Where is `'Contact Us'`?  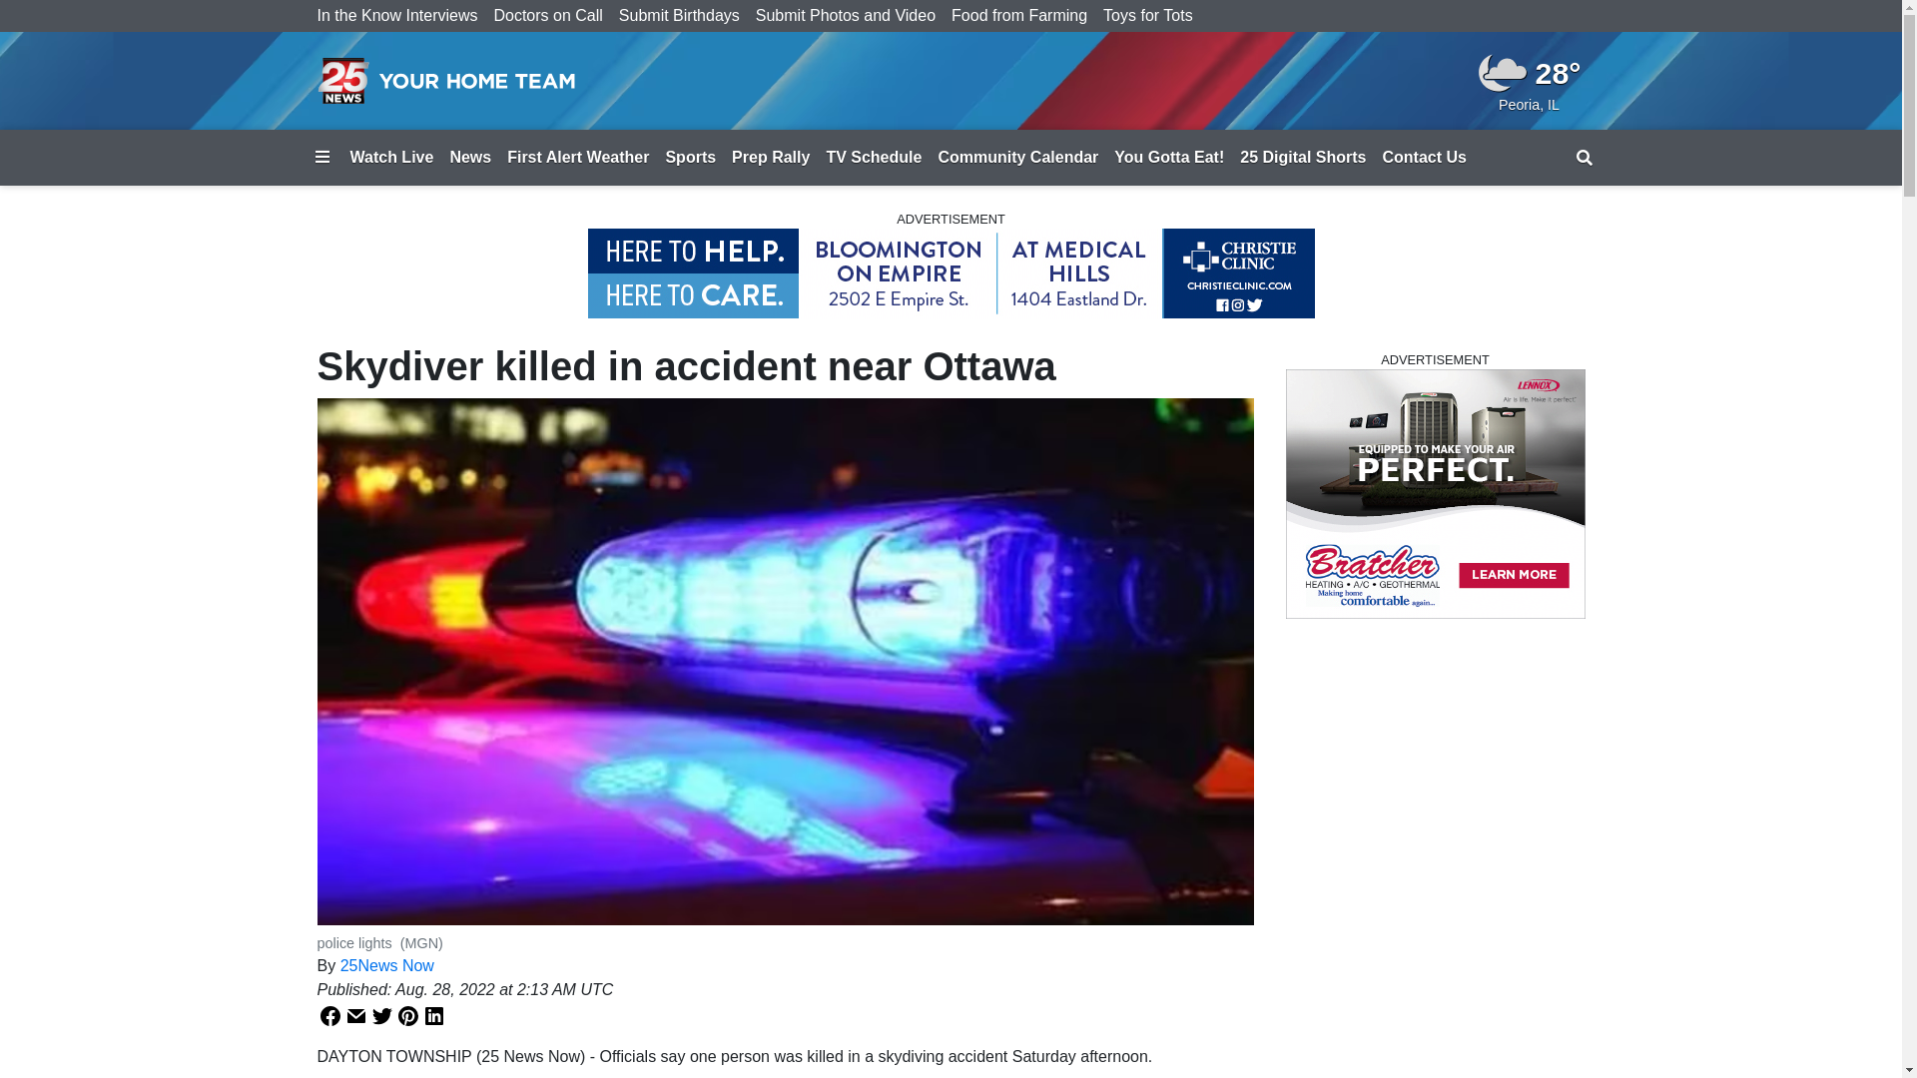 'Contact Us' is located at coordinates (1422, 157).